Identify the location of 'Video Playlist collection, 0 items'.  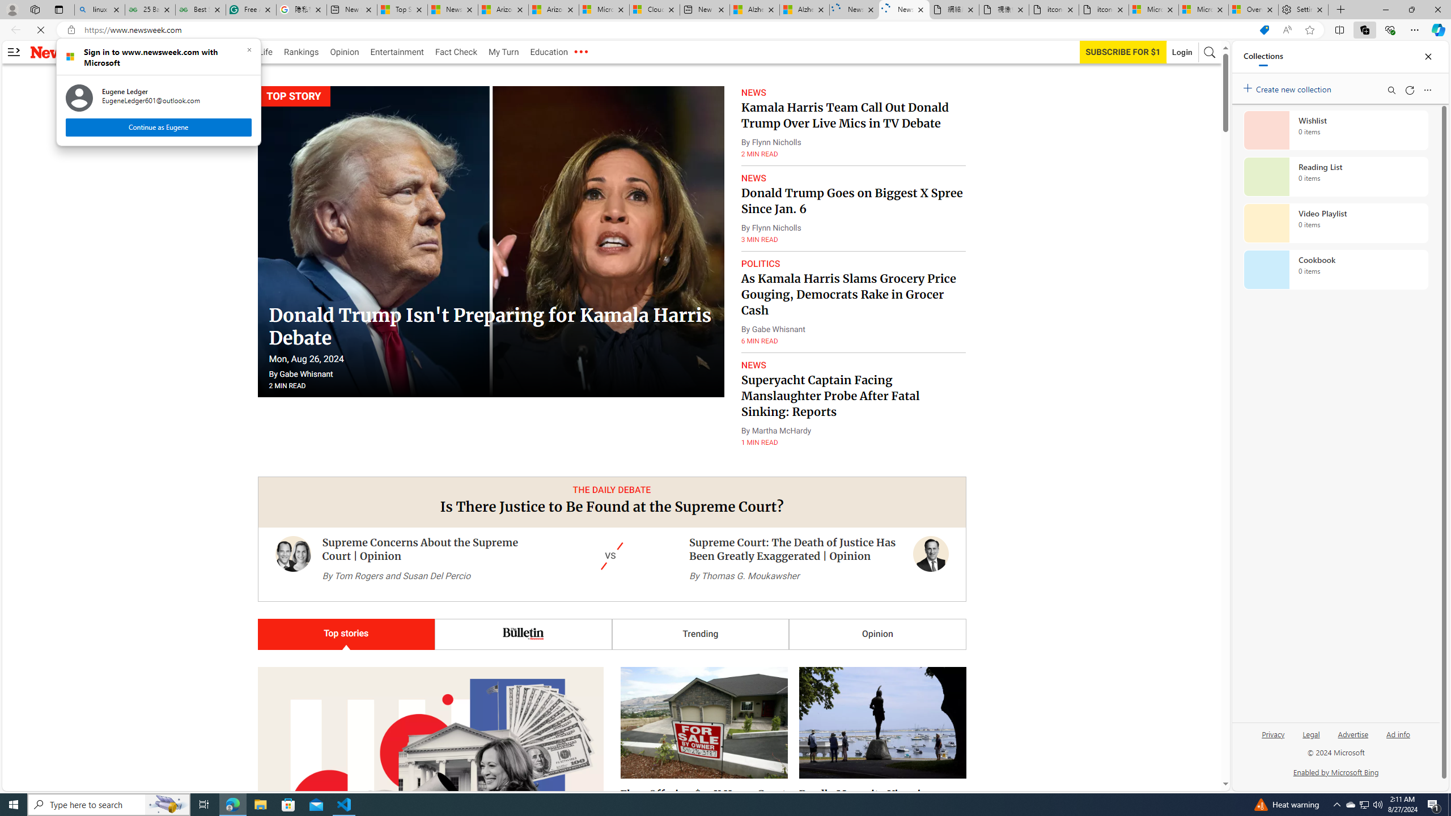
(1335, 222).